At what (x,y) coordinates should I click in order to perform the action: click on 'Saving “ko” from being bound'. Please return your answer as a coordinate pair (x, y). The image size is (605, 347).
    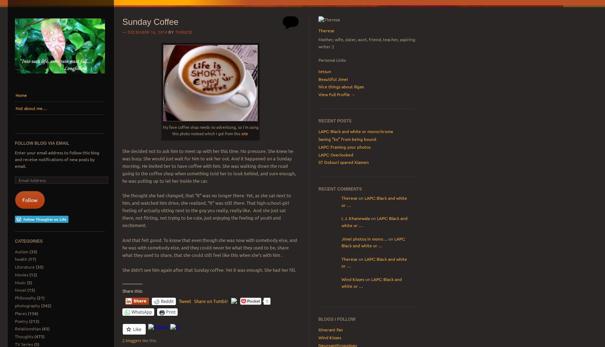
    Looking at the image, I should click on (347, 138).